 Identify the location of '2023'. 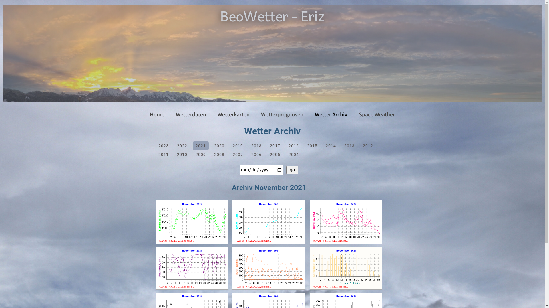
(155, 145).